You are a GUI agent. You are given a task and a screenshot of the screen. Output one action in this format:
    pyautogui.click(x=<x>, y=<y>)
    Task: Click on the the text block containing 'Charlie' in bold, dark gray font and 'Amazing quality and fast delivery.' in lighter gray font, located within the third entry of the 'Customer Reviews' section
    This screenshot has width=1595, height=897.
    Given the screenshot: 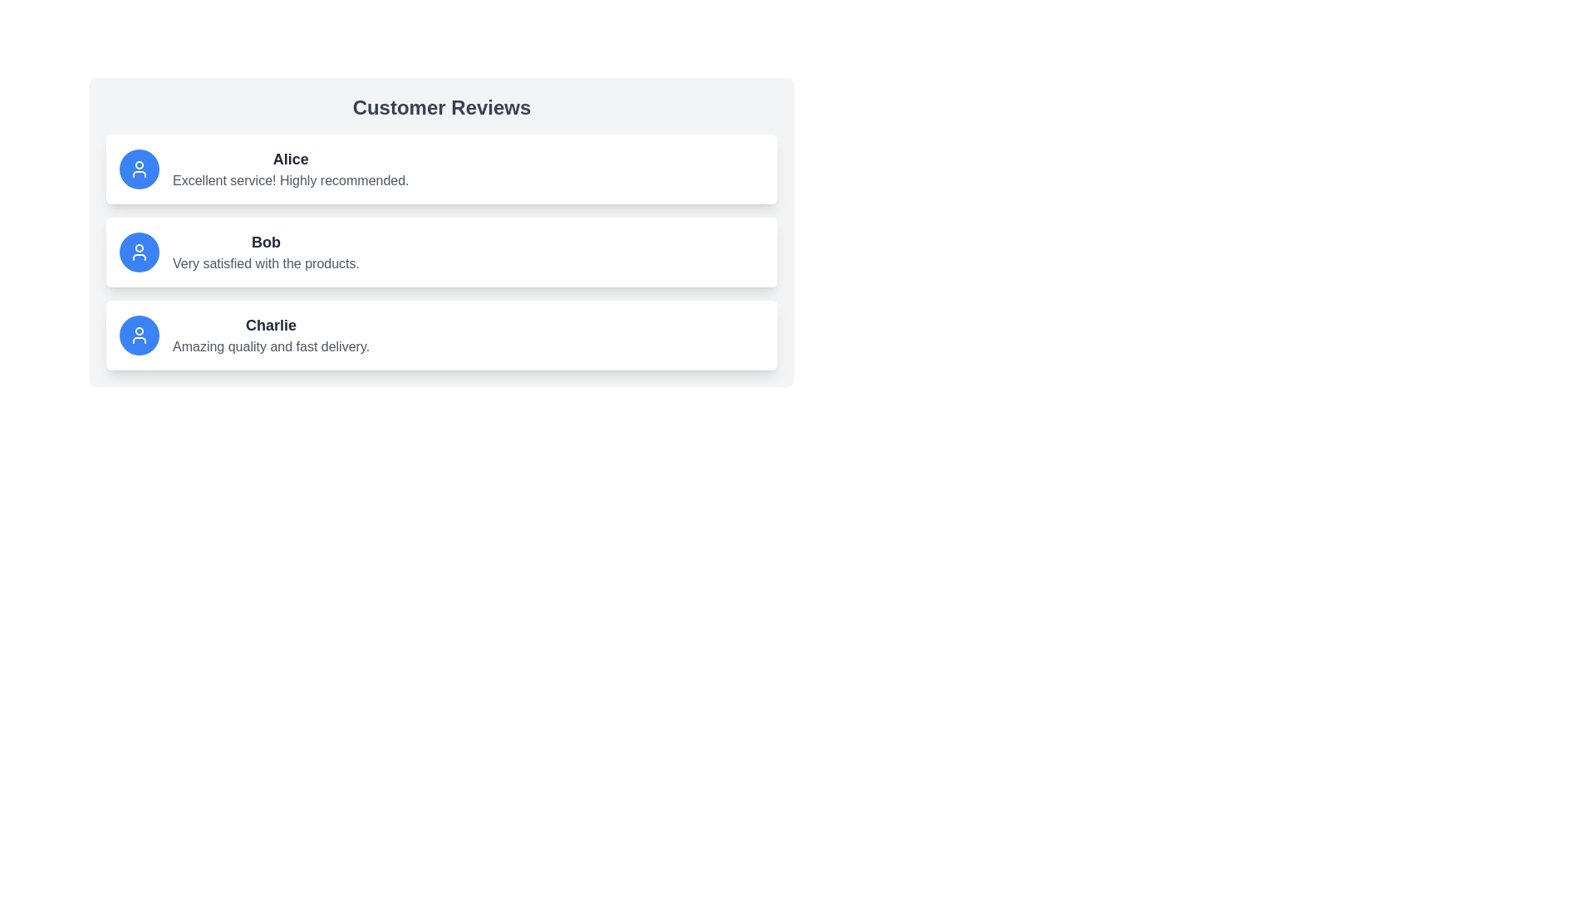 What is the action you would take?
    pyautogui.click(x=271, y=336)
    